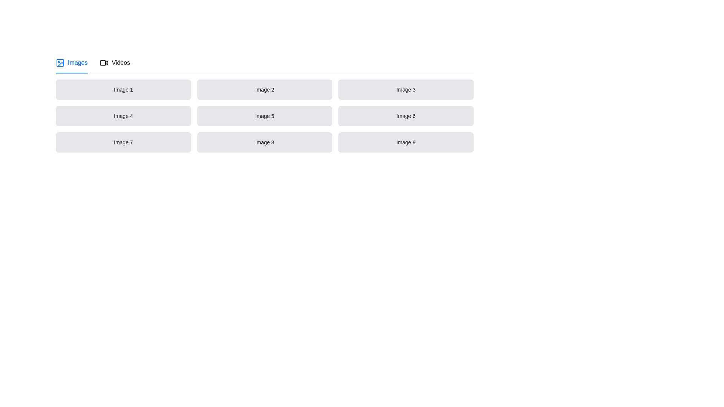 This screenshot has width=724, height=407. I want to click on the label element with rounded corners that has a light gray background and displays the text 'Image 3', so click(405, 89).